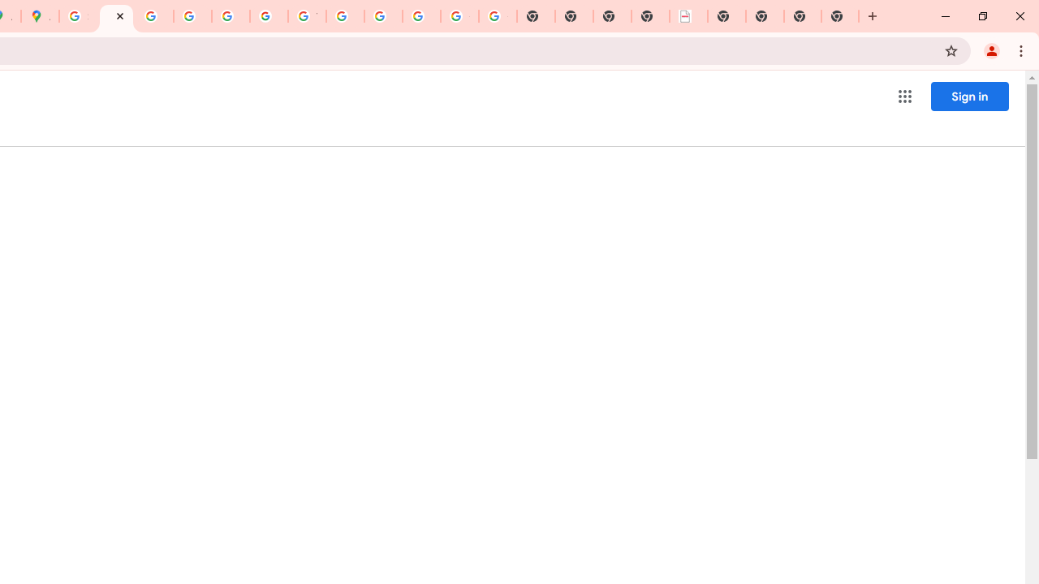 This screenshot has height=584, width=1039. What do you see at coordinates (154, 16) in the screenshot?
I see `'Privacy Help Center - Policies Help'` at bounding box center [154, 16].